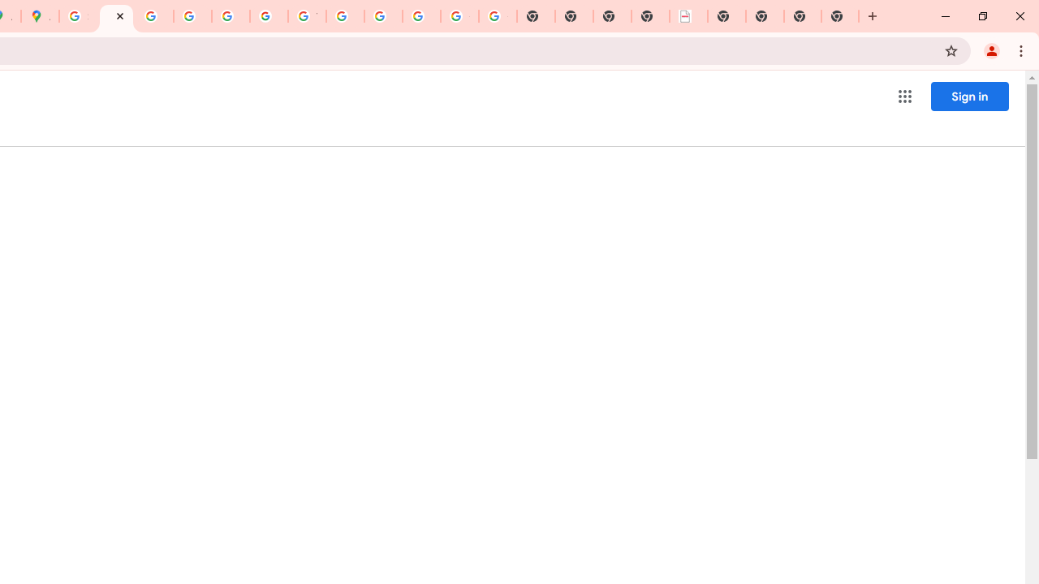 This screenshot has height=584, width=1039. What do you see at coordinates (154, 16) in the screenshot?
I see `'Privacy Help Center - Policies Help'` at bounding box center [154, 16].